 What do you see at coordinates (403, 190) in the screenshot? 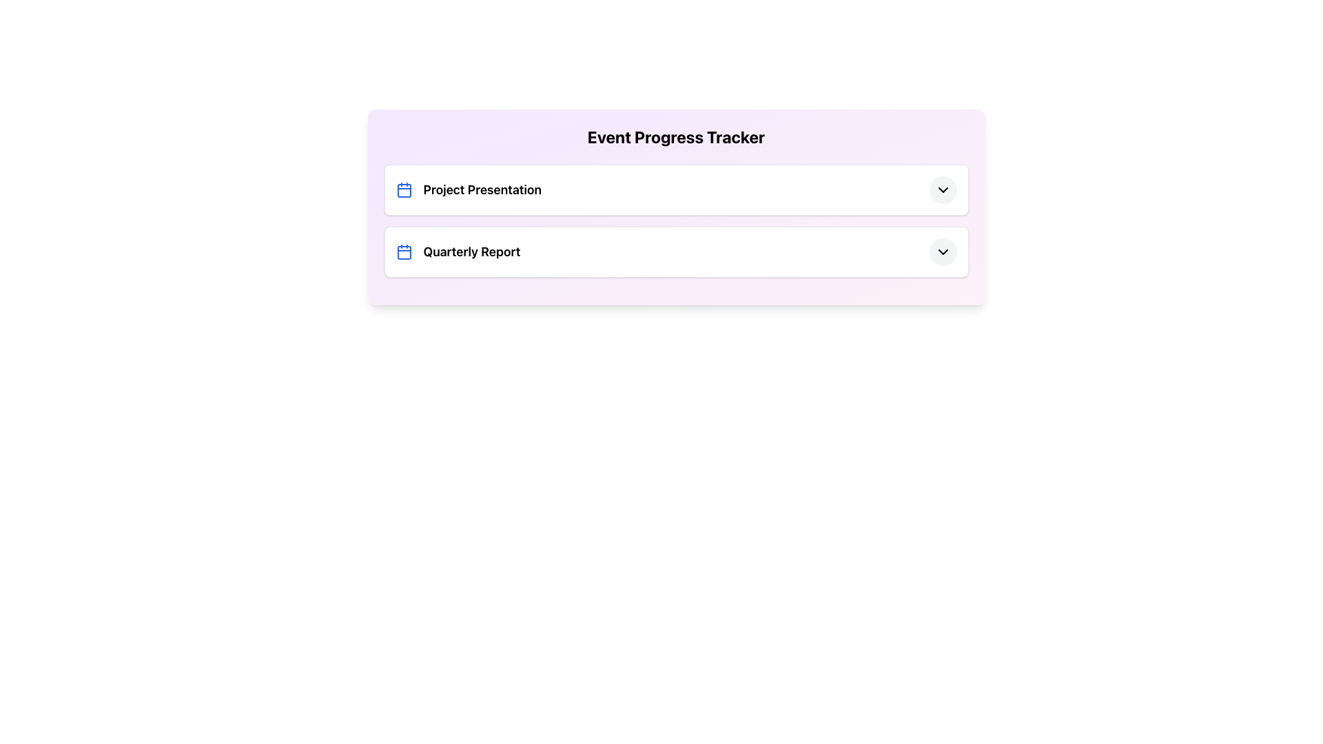
I see `the calendar icon that visually indicates the 'Project Presentation' text, located to the left of it in the first row of the list` at bounding box center [403, 190].